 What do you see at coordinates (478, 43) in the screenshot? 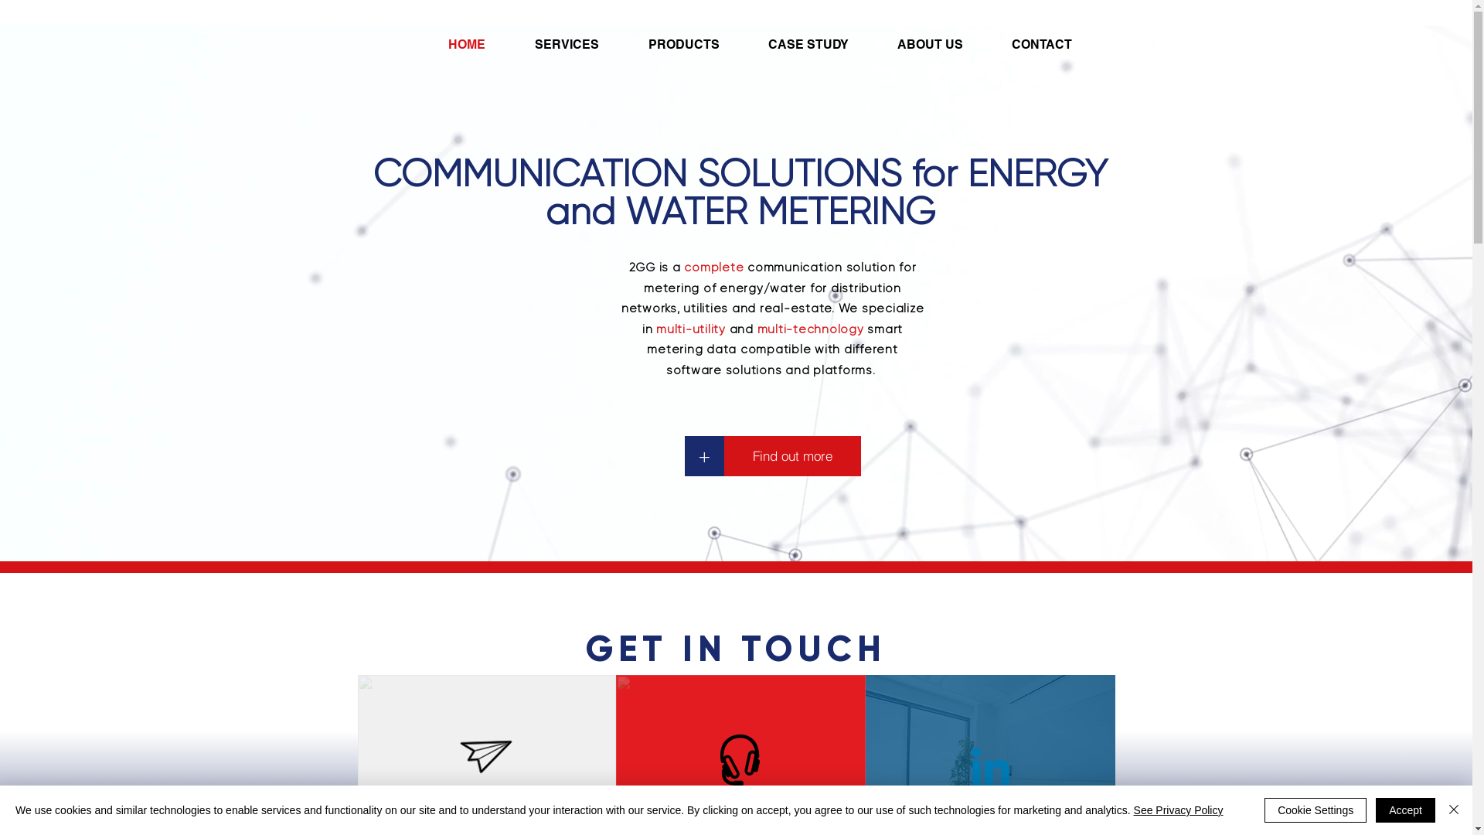
I see `'HOME'` at bounding box center [478, 43].